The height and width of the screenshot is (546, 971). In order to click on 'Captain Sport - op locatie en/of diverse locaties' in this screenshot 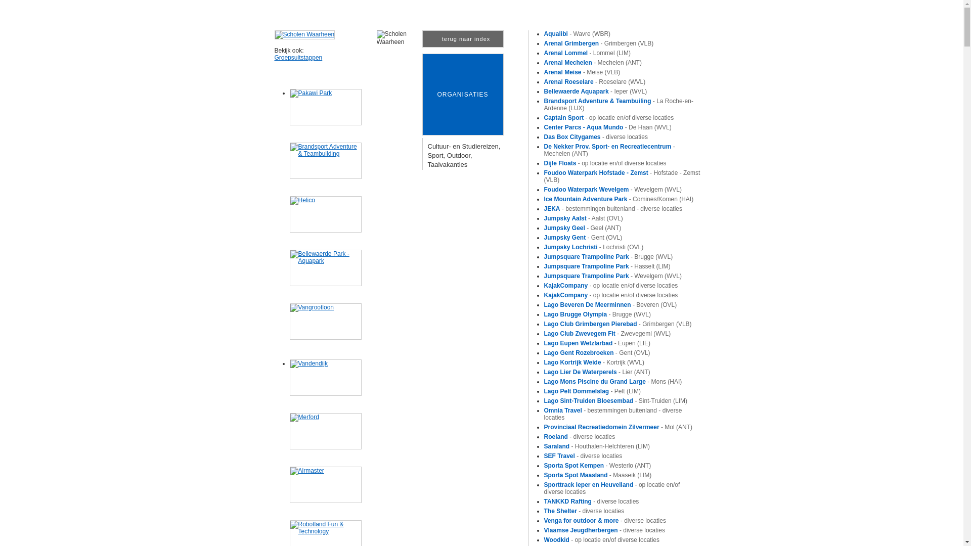, I will do `click(608, 117)`.